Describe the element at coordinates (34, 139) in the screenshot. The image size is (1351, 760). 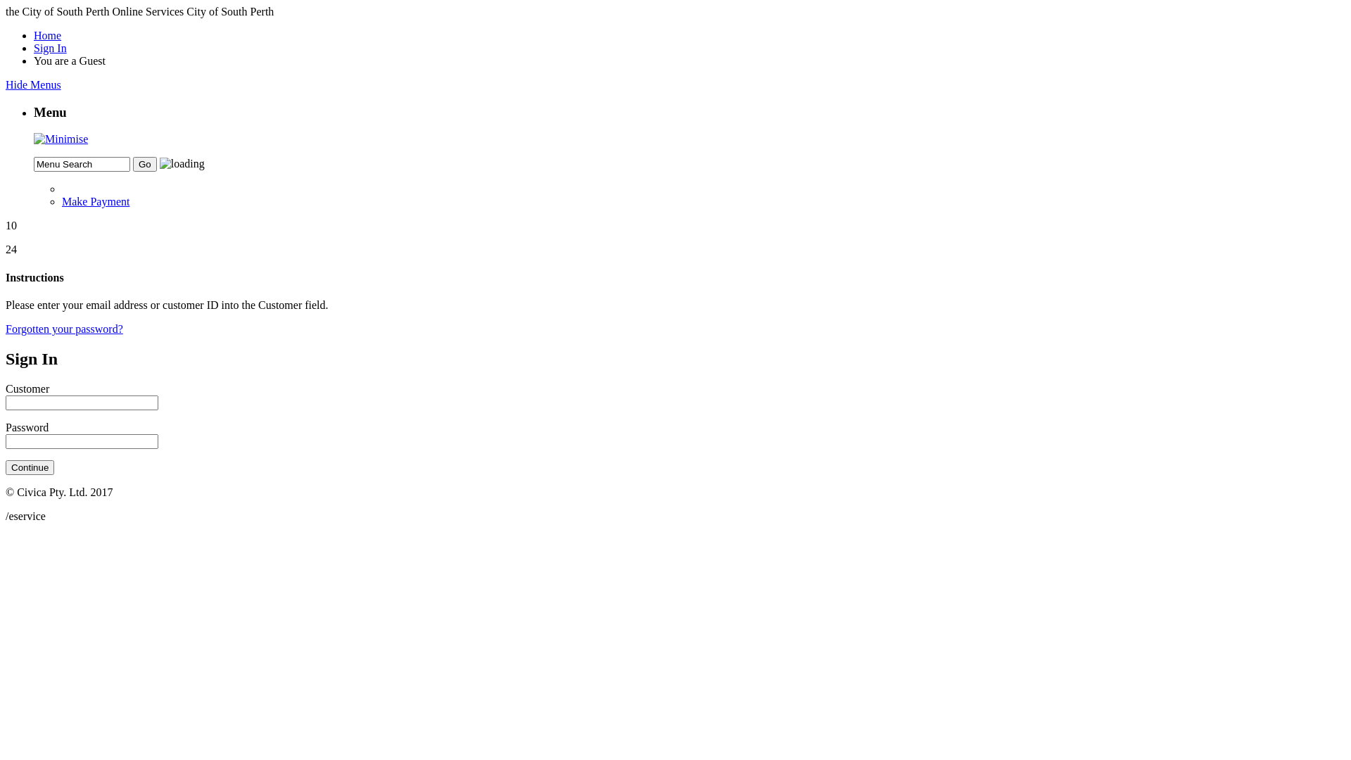
I see `'Minimise Panel'` at that location.